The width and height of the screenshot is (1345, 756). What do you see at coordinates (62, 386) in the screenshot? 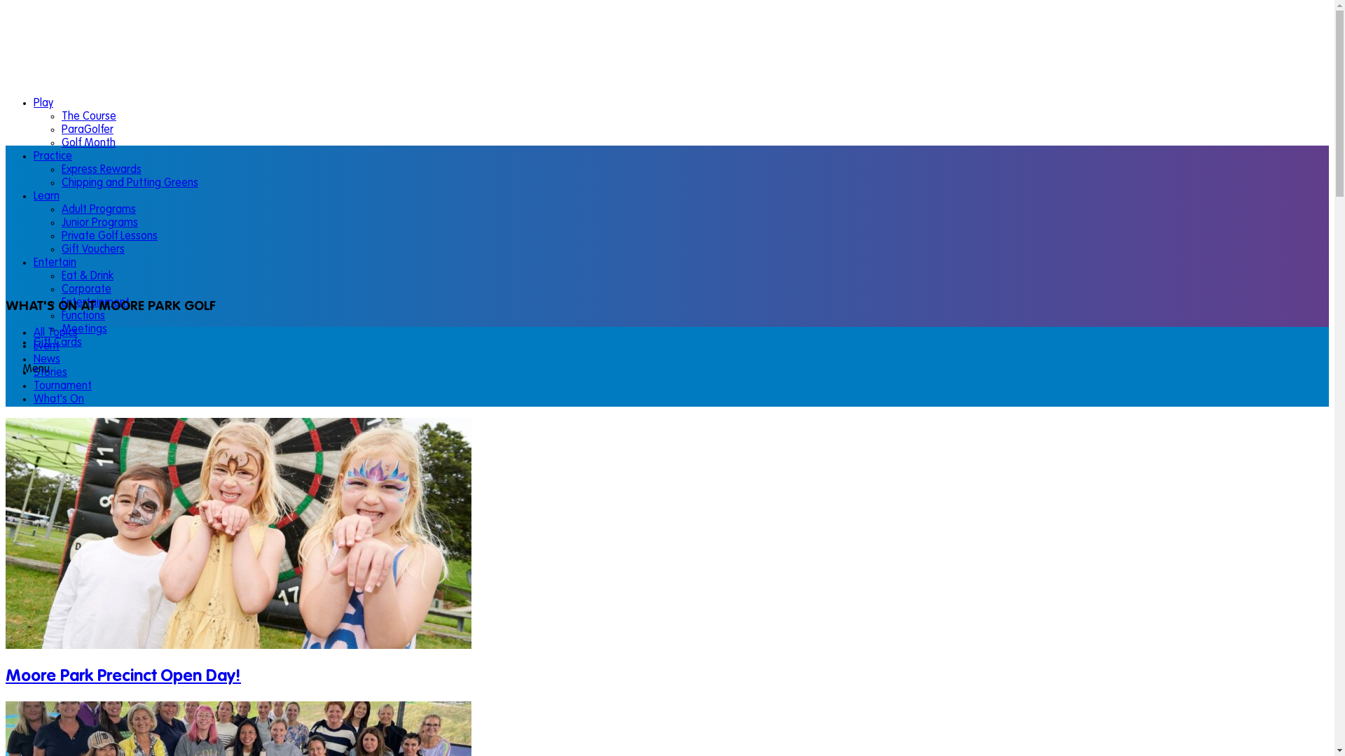
I see `'Tournament'` at bounding box center [62, 386].